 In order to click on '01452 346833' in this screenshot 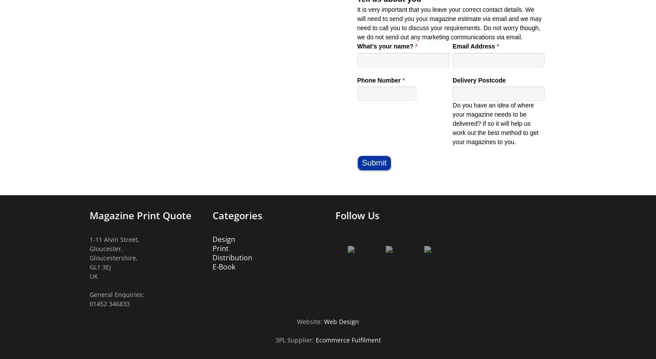, I will do `click(89, 303)`.